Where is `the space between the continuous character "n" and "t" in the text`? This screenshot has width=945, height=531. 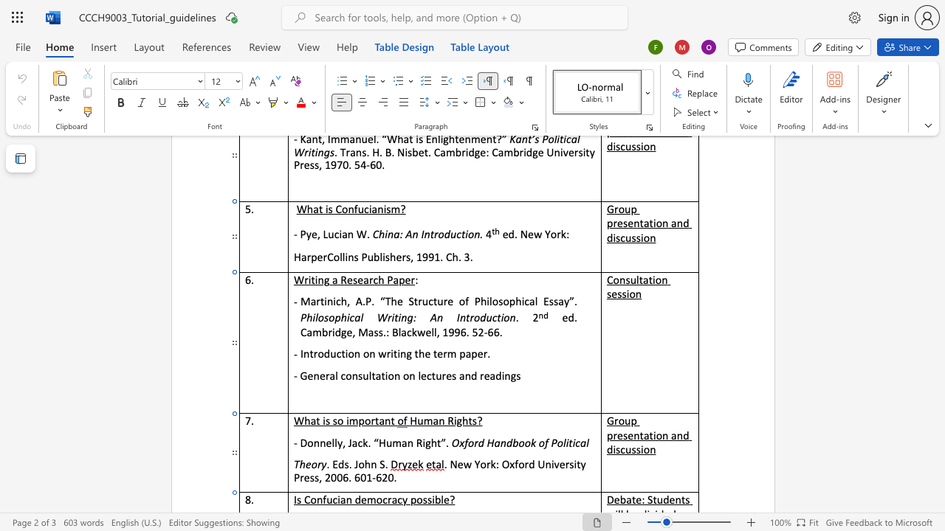
the space between the continuous character "n" and "t" in the text is located at coordinates (639, 434).